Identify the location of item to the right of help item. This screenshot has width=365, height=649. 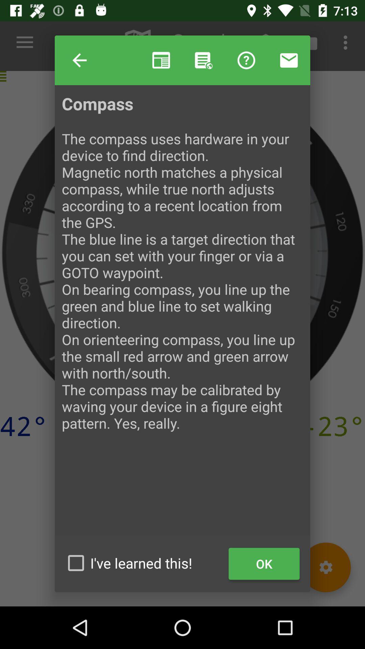
(161, 60).